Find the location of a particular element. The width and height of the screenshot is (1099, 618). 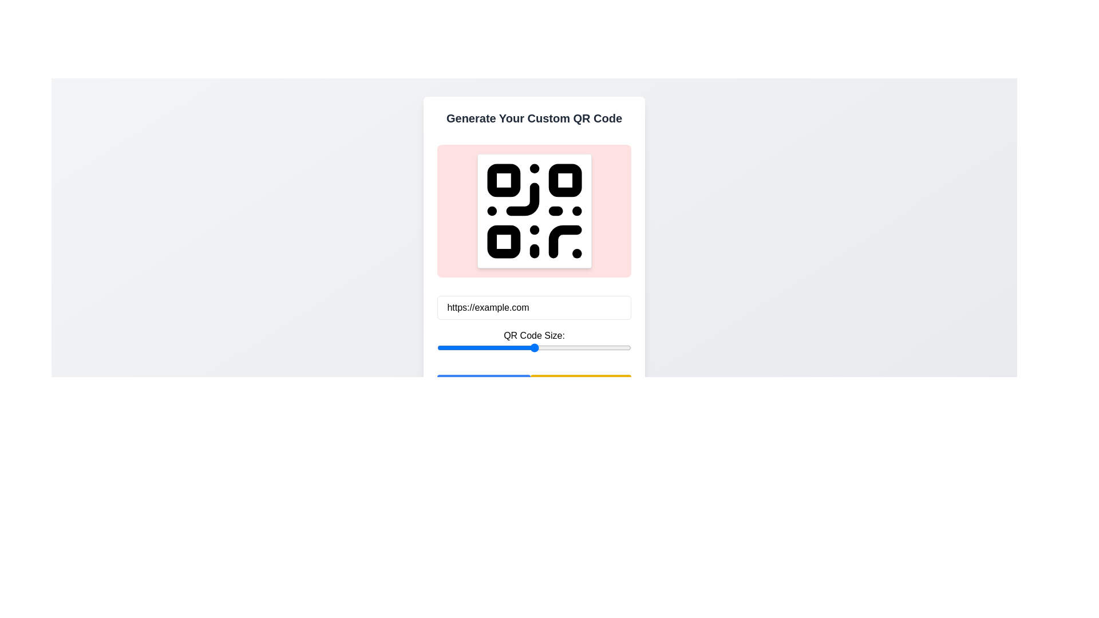

the QR code size is located at coordinates (503, 347).